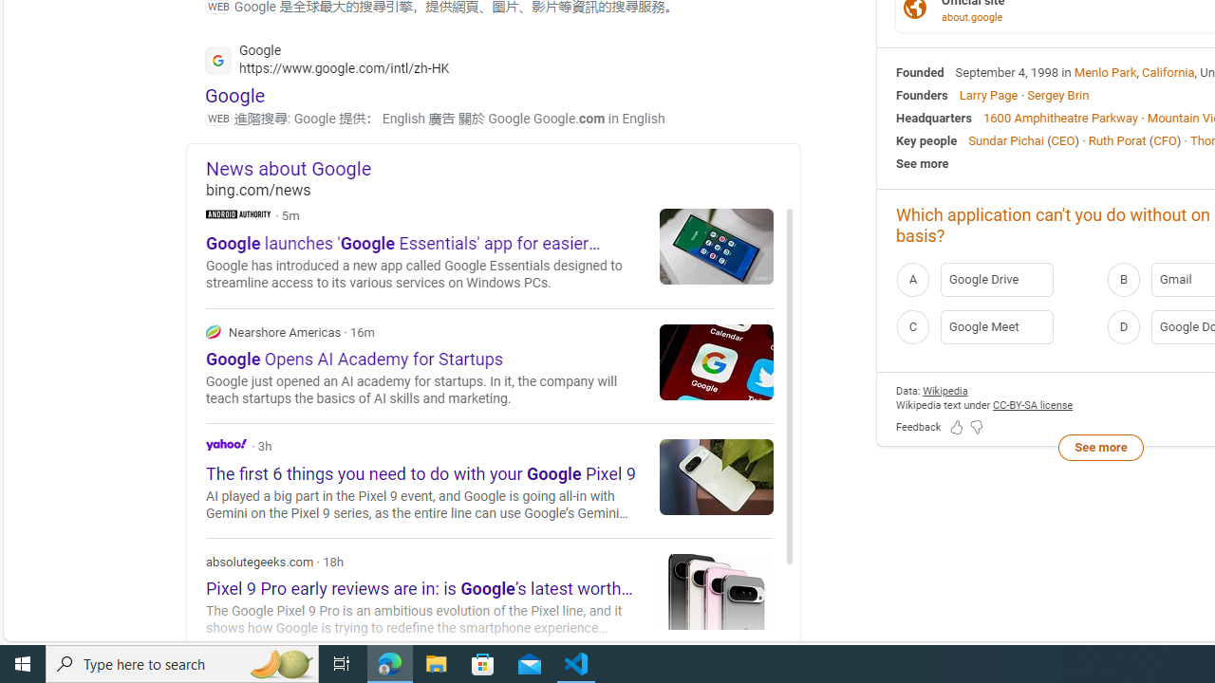 This screenshot has height=683, width=1215. Describe the element at coordinates (1004, 138) in the screenshot. I see `'Sundar Pichai'` at that location.